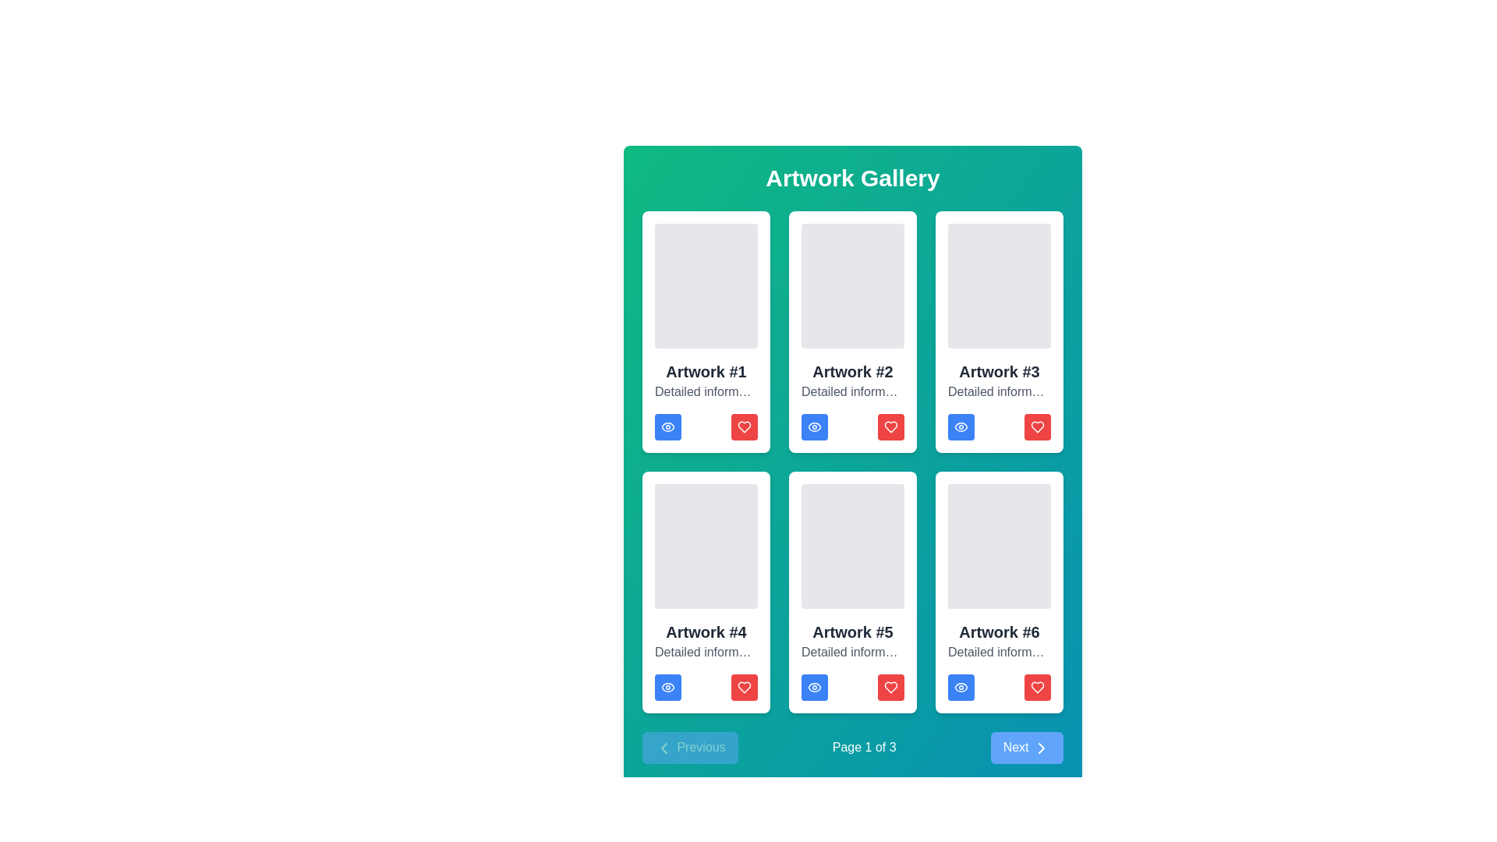 This screenshot has height=842, width=1497. Describe the element at coordinates (852, 285) in the screenshot. I see `the decorative rectangle located at the top of the card labeled 'Artwork #2'` at that location.